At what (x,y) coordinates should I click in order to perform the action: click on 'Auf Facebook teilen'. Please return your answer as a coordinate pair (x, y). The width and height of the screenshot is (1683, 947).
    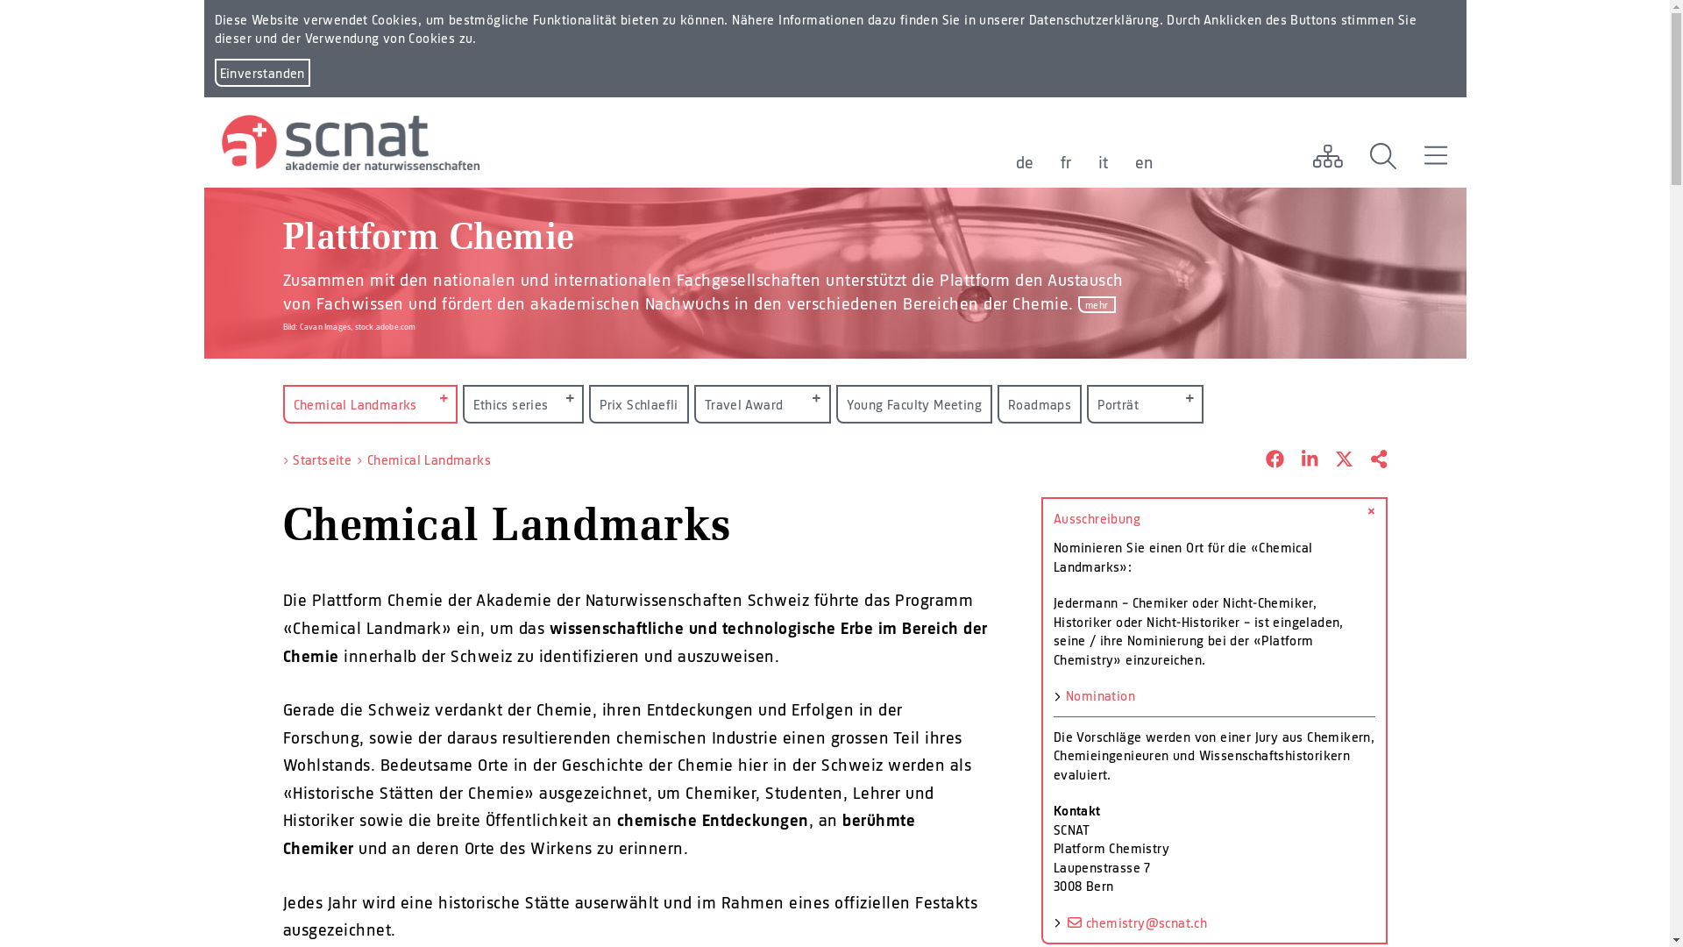
    Looking at the image, I should click on (1266, 459).